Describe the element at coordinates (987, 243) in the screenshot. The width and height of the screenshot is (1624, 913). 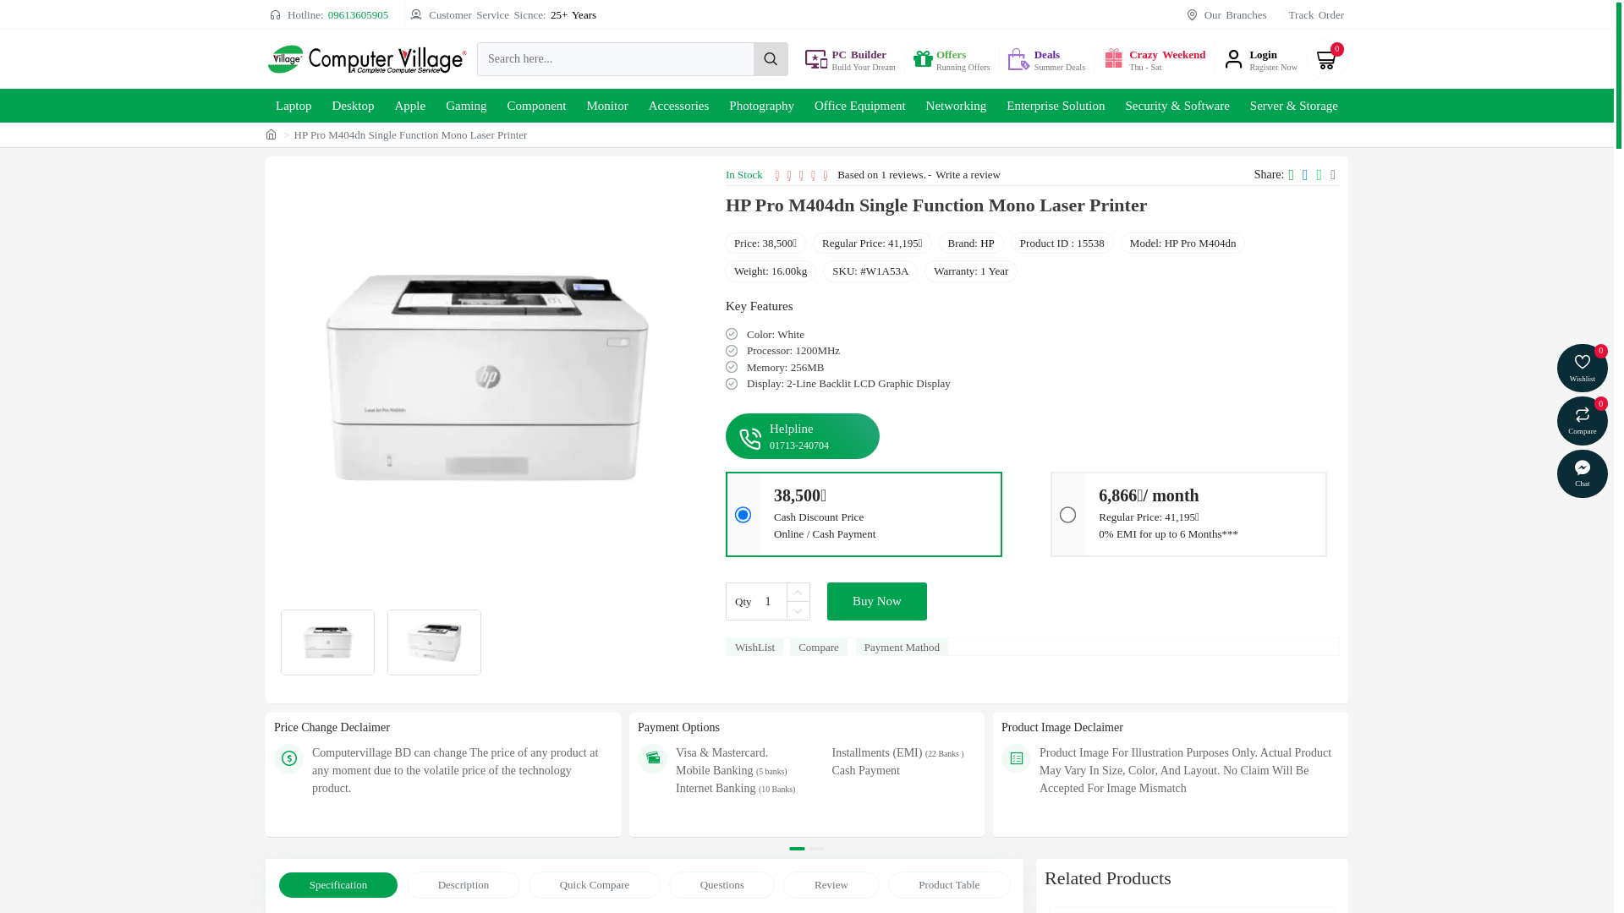
I see `'HP'` at that location.